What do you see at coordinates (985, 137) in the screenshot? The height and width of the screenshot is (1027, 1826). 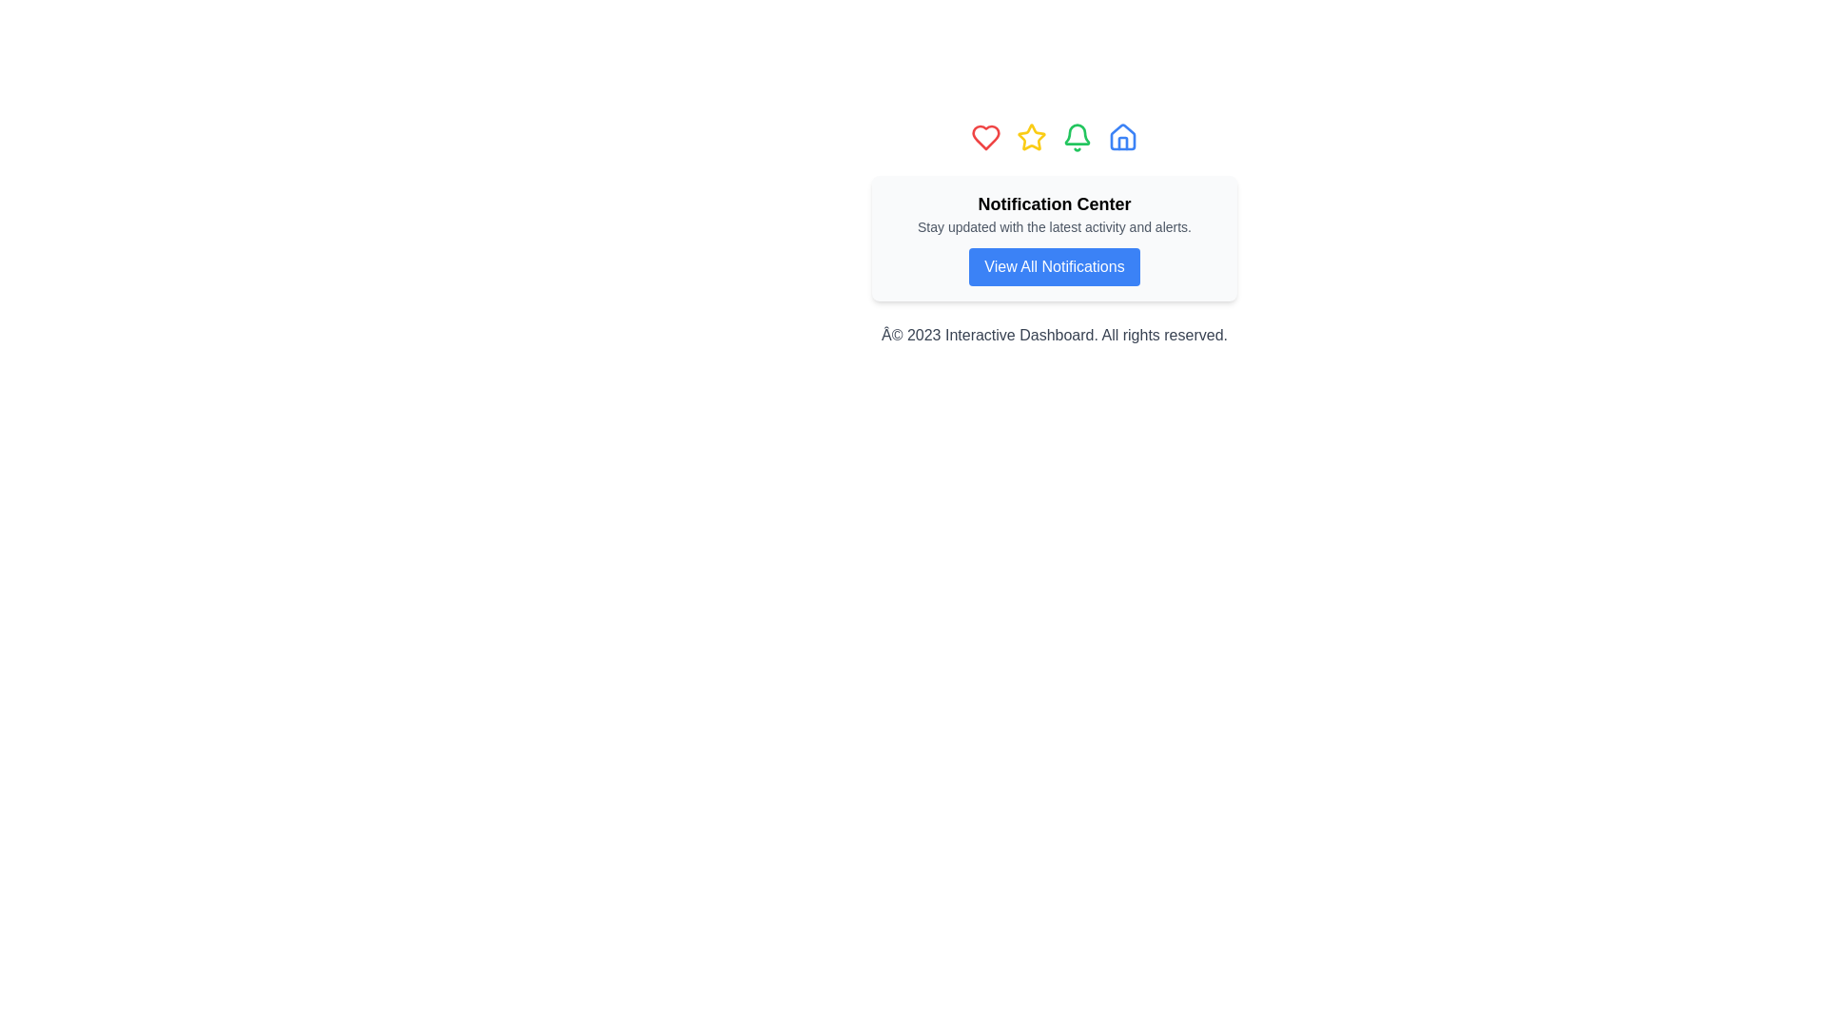 I see `the heart icon located at the top center of the interface, which signifies liking or favoriting content` at bounding box center [985, 137].